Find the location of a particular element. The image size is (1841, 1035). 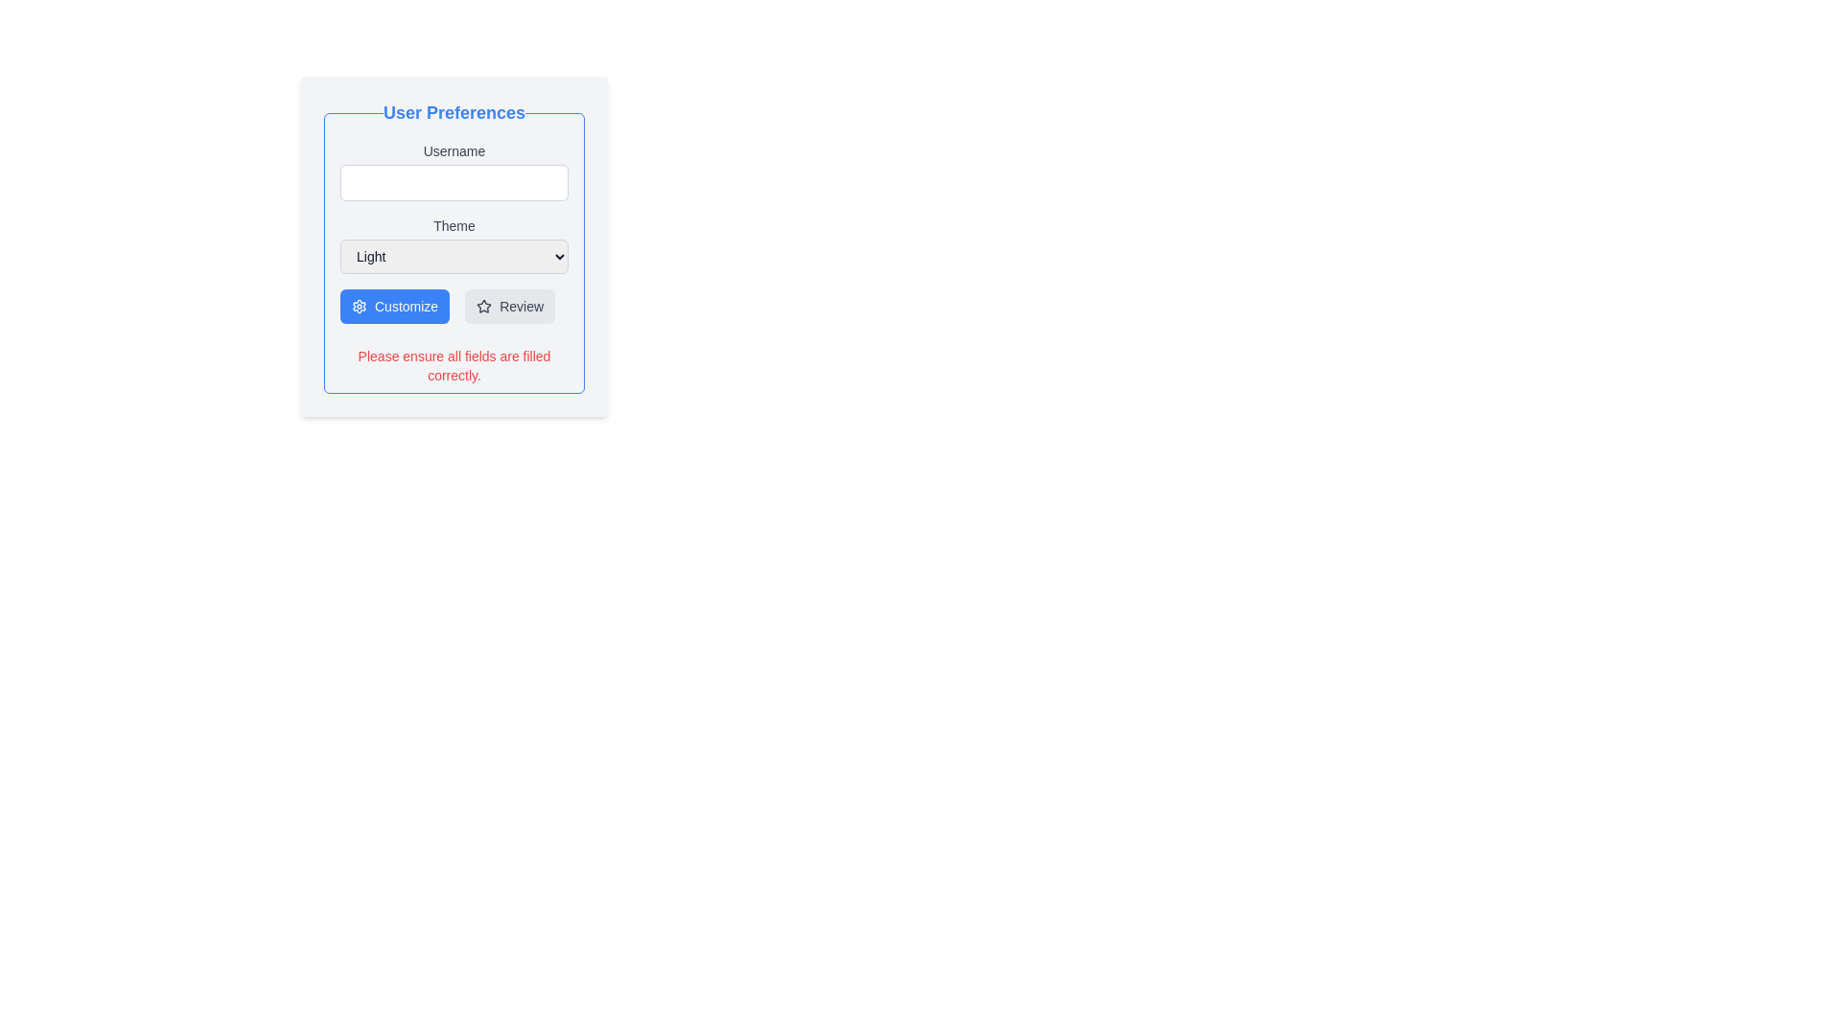

the blue gear-like icon located to the left of the 'Review' button at the bottom of the panel is located at coordinates (359, 306).